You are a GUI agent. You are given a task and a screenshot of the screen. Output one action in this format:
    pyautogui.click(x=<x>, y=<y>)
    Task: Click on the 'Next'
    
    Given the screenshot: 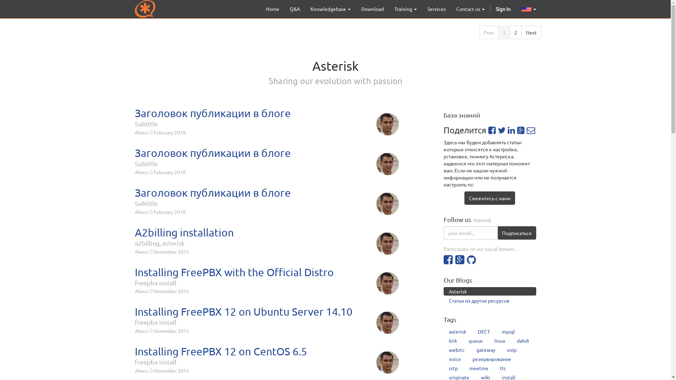 What is the action you would take?
    pyautogui.click(x=531, y=32)
    